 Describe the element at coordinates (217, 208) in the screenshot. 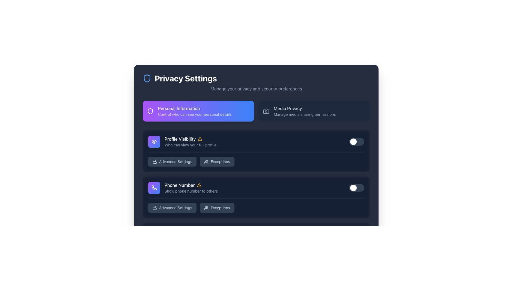

I see `the button that allows customization or viewing of exceptions related to the 'Phone Number' section, positioned to the right of the 'Advanced Settings' button` at that location.